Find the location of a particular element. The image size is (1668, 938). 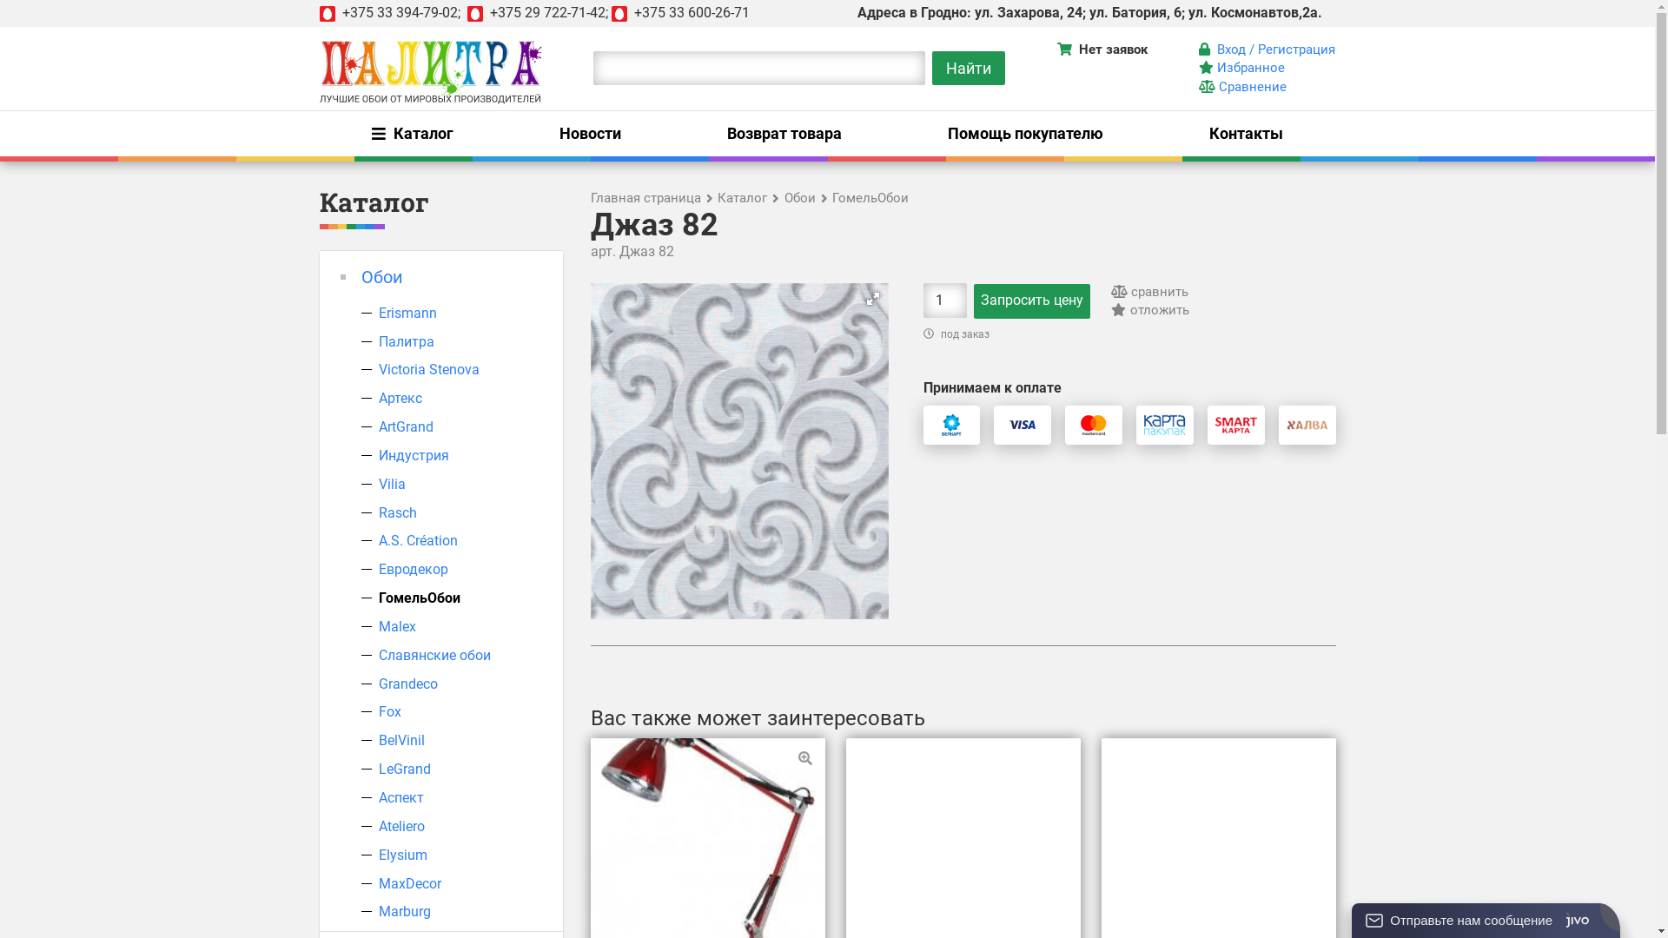

'Malex' is located at coordinates (396, 626).